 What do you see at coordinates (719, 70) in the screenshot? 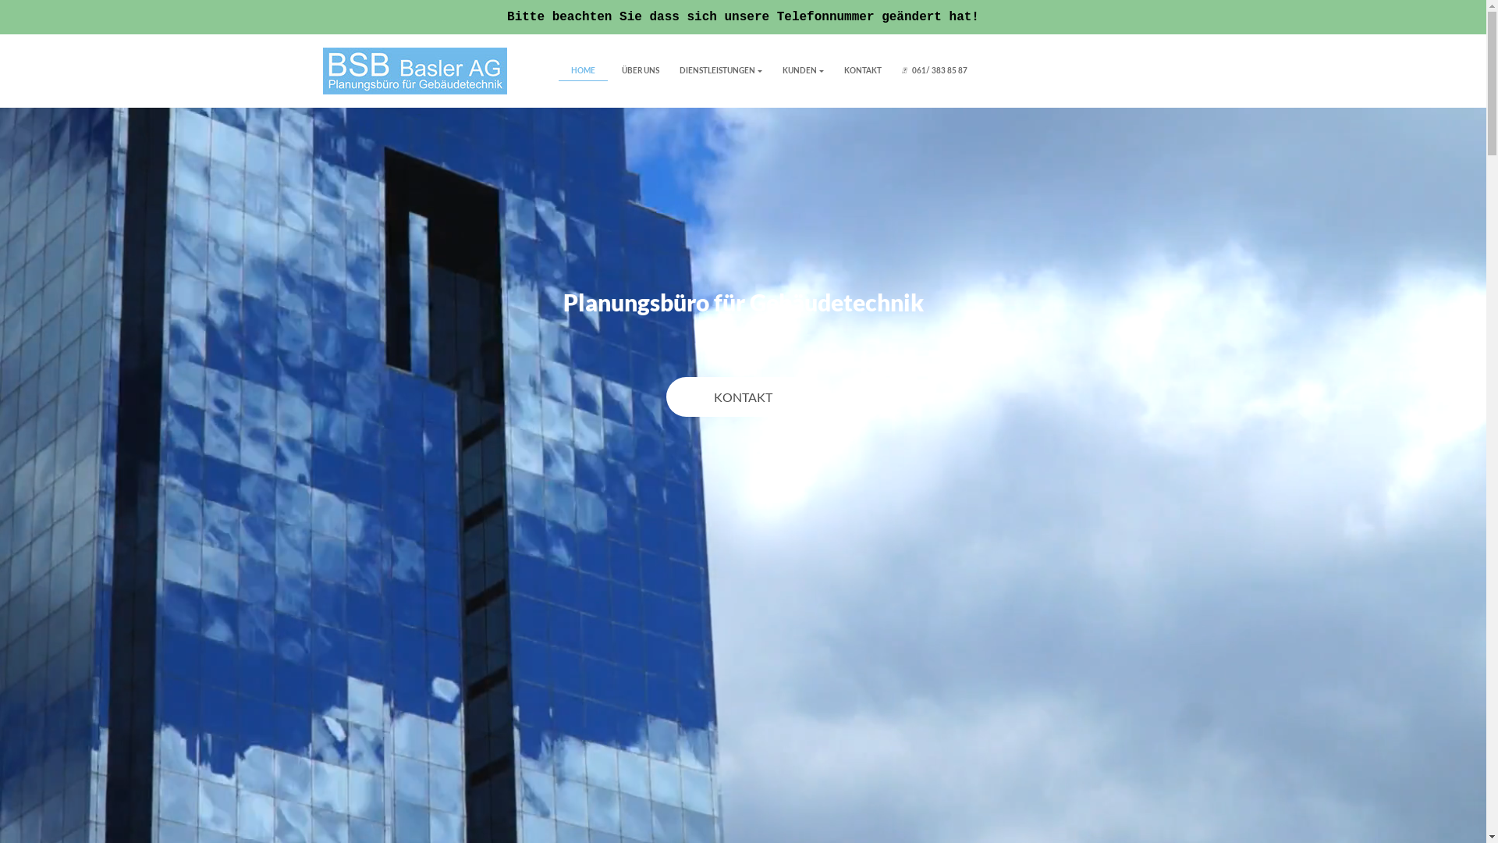
I see `'DIENSTLEISTUNGEN'` at bounding box center [719, 70].